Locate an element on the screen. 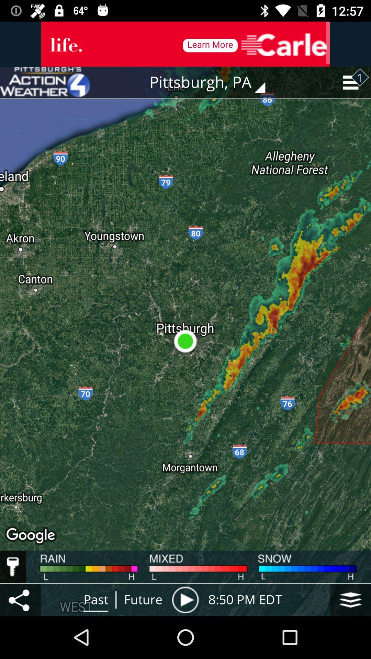 Image resolution: width=371 pixels, height=659 pixels. icon next to pittsburgh, pa is located at coordinates (45, 82).